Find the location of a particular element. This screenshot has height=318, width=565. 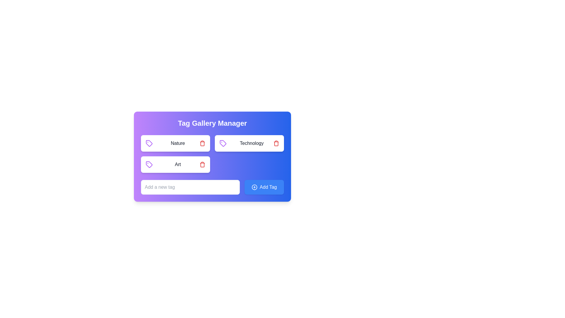

the purple tag icon located to the left of the text 'Art', which is the first visual component in the 'Art' tag group is located at coordinates (149, 165).